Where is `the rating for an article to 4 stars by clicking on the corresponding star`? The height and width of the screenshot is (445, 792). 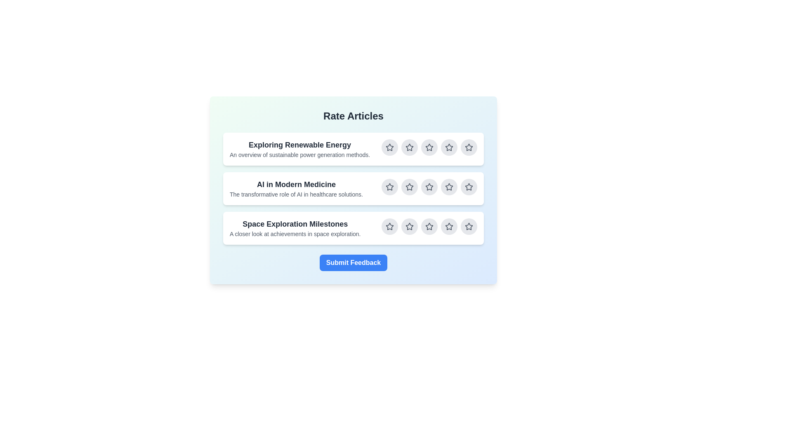
the rating for an article to 4 stars by clicking on the corresponding star is located at coordinates (449, 147).